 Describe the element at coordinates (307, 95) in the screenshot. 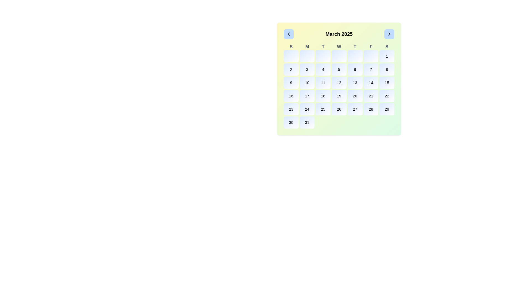

I see `the button representing the date '17' in the calendar view` at that location.